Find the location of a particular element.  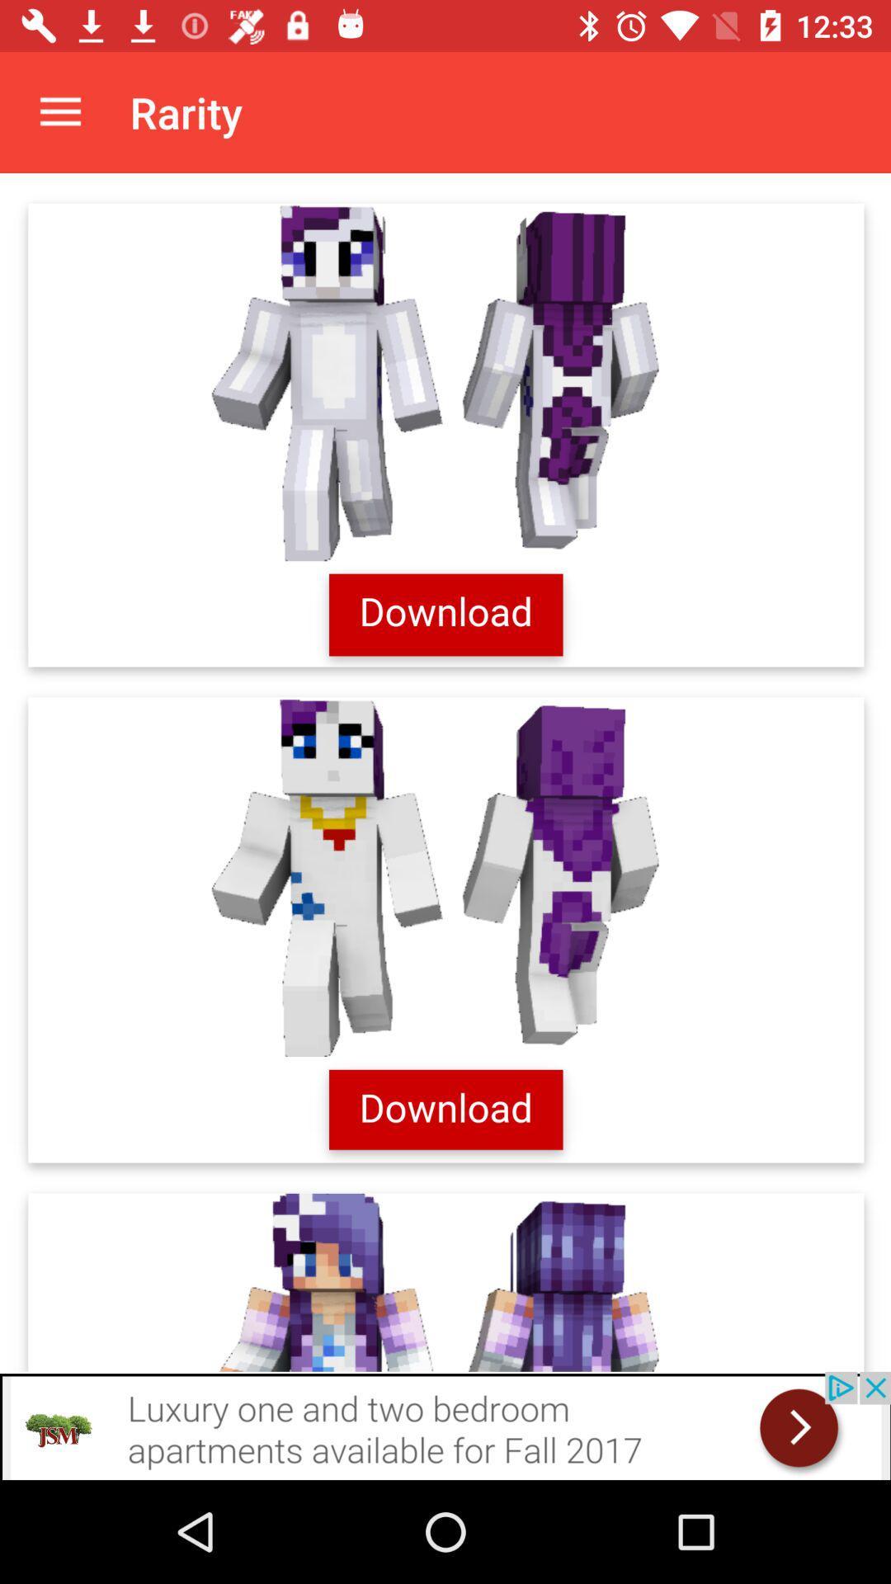

download is located at coordinates (445, 771).